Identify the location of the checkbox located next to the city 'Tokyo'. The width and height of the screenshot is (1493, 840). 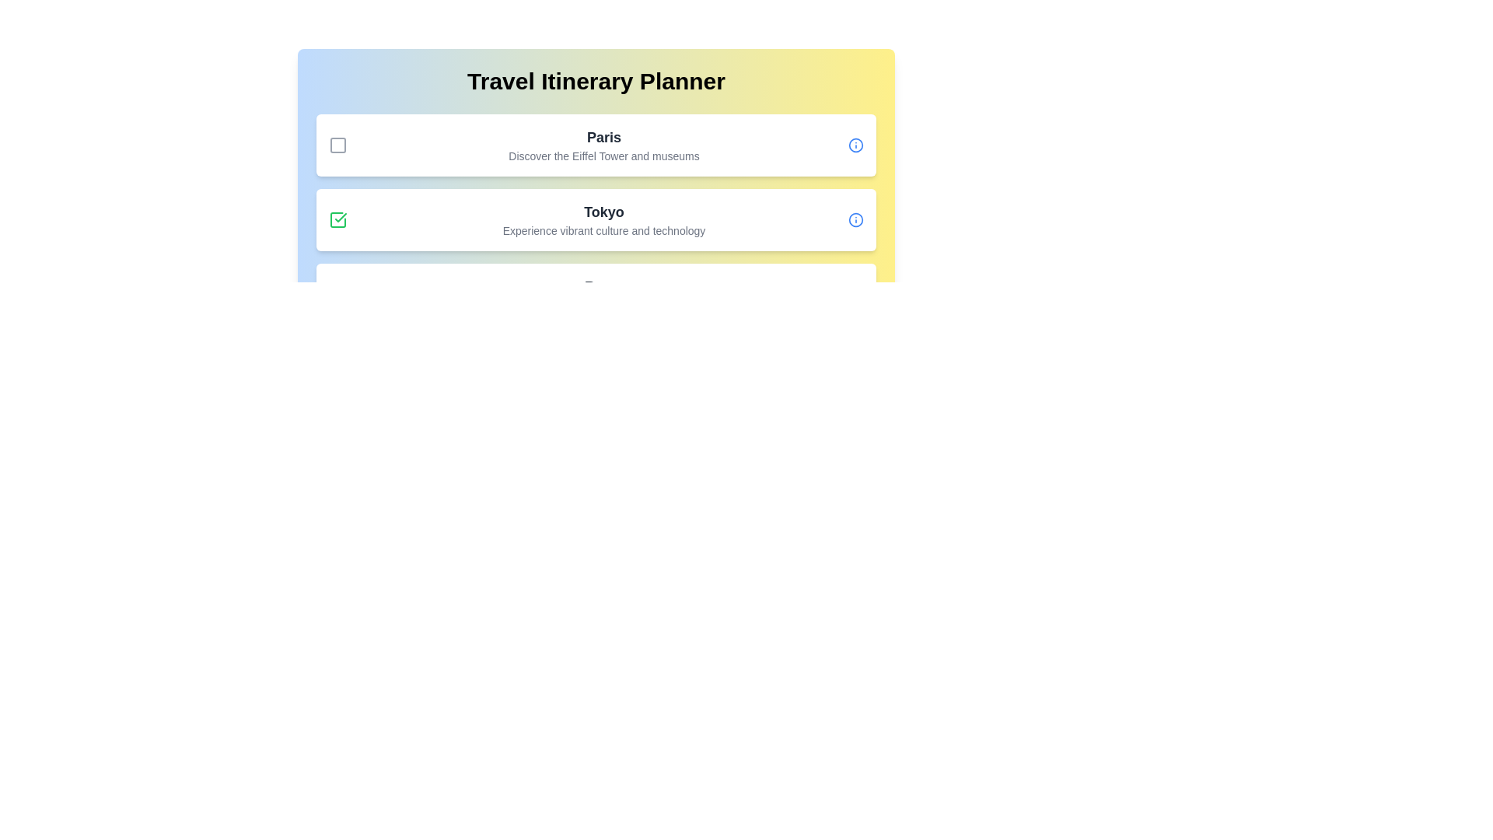
(337, 219).